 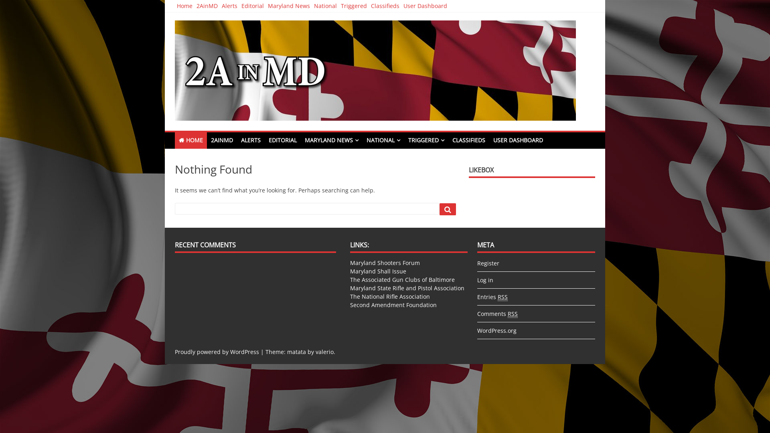 What do you see at coordinates (222, 140) in the screenshot?
I see `'2AINMD'` at bounding box center [222, 140].